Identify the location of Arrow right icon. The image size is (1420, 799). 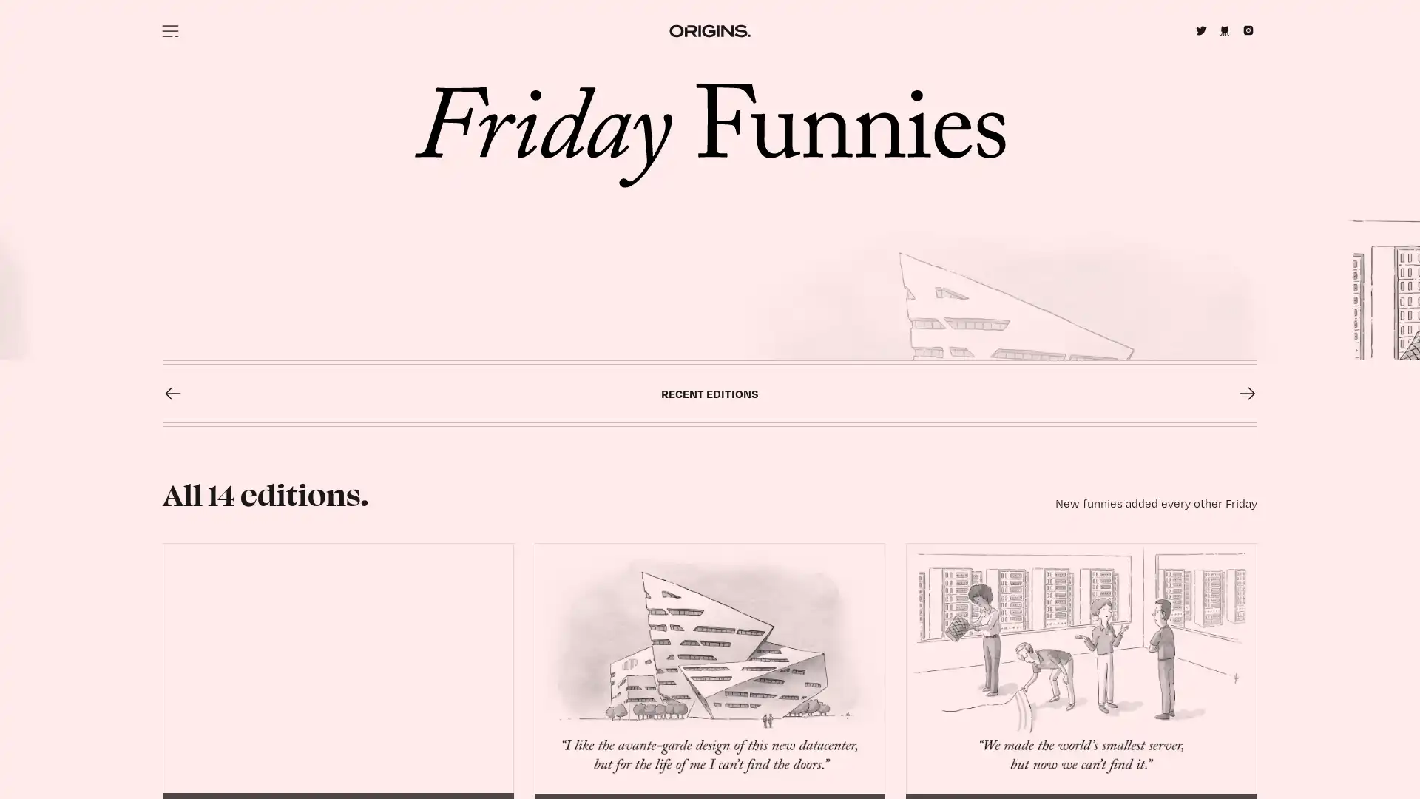
(1245, 679).